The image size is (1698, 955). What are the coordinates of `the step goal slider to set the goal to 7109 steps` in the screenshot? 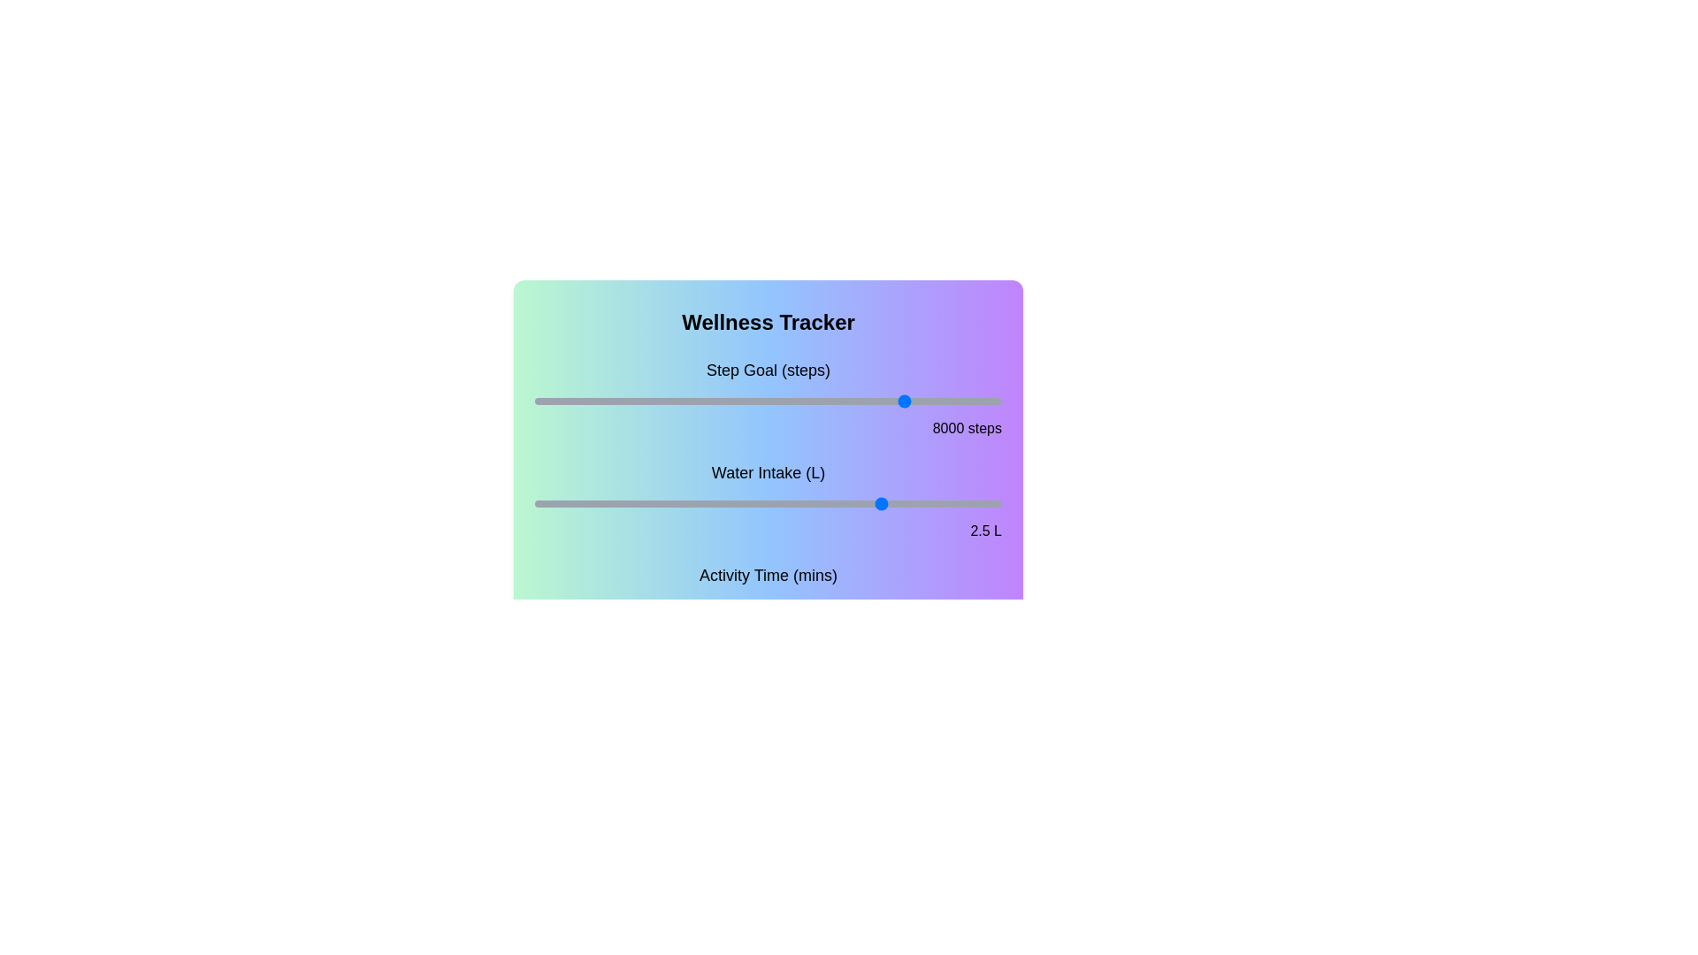 It's located at (867, 401).